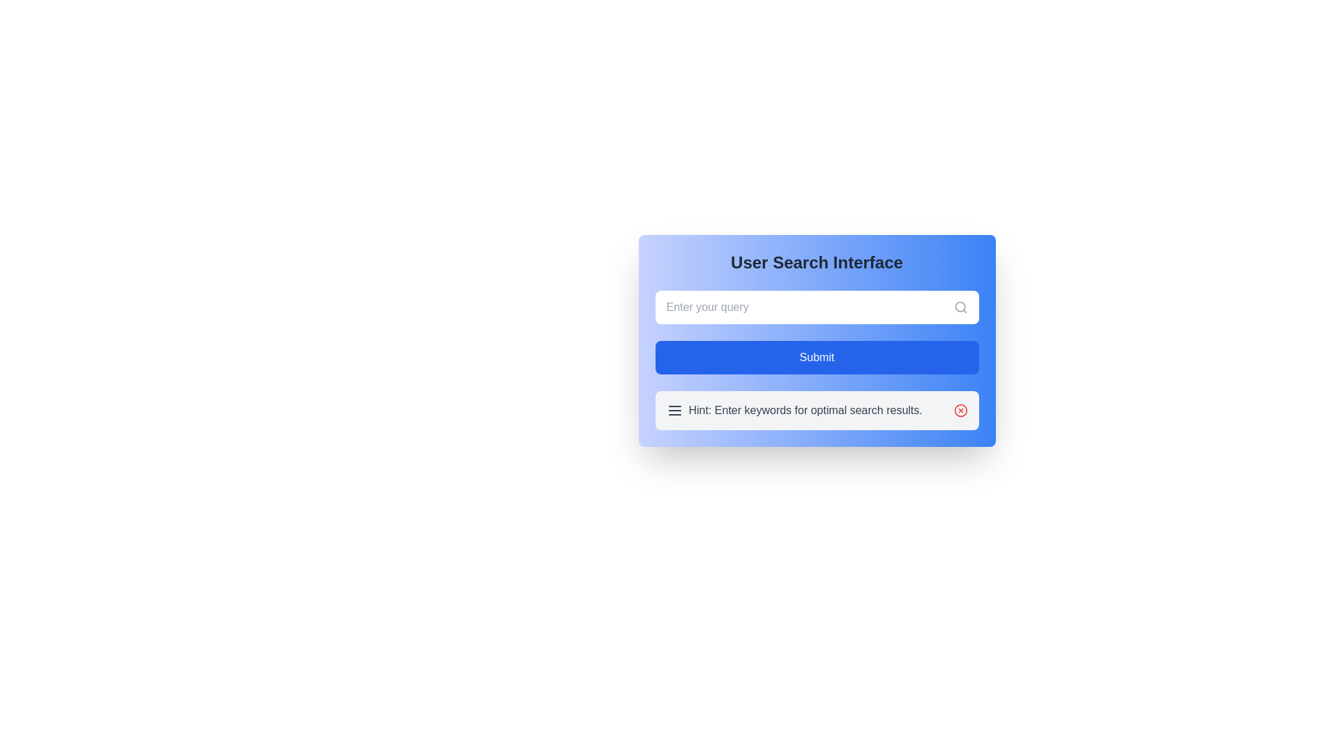 The height and width of the screenshot is (753, 1339). Describe the element at coordinates (817, 357) in the screenshot. I see `the submit button located directly below the input field labeled 'Enter your query' to initiate the submit action` at that location.